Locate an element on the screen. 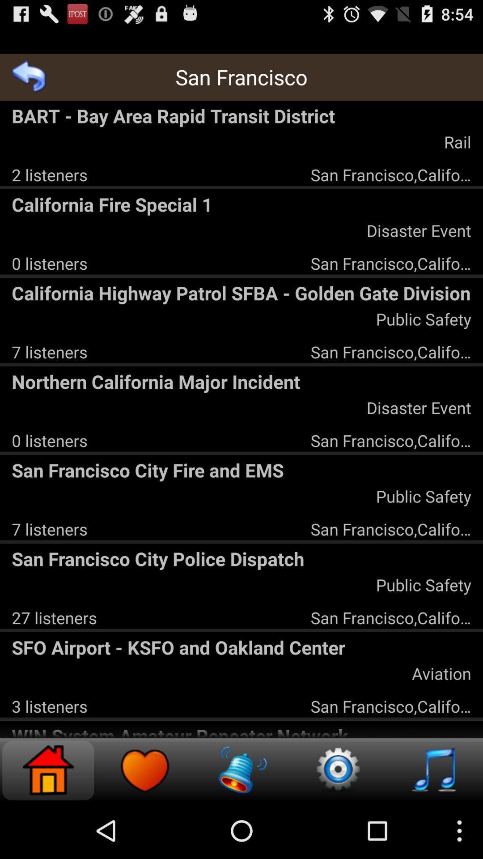 This screenshot has height=859, width=483. the icon below the san francisco city is located at coordinates (54, 617).